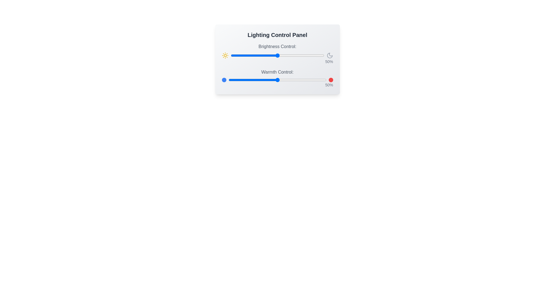  Describe the element at coordinates (277, 80) in the screenshot. I see `the thumb of the warmth setting slider located under the 'Warmth Control' label, which is currently set at 50%` at that location.